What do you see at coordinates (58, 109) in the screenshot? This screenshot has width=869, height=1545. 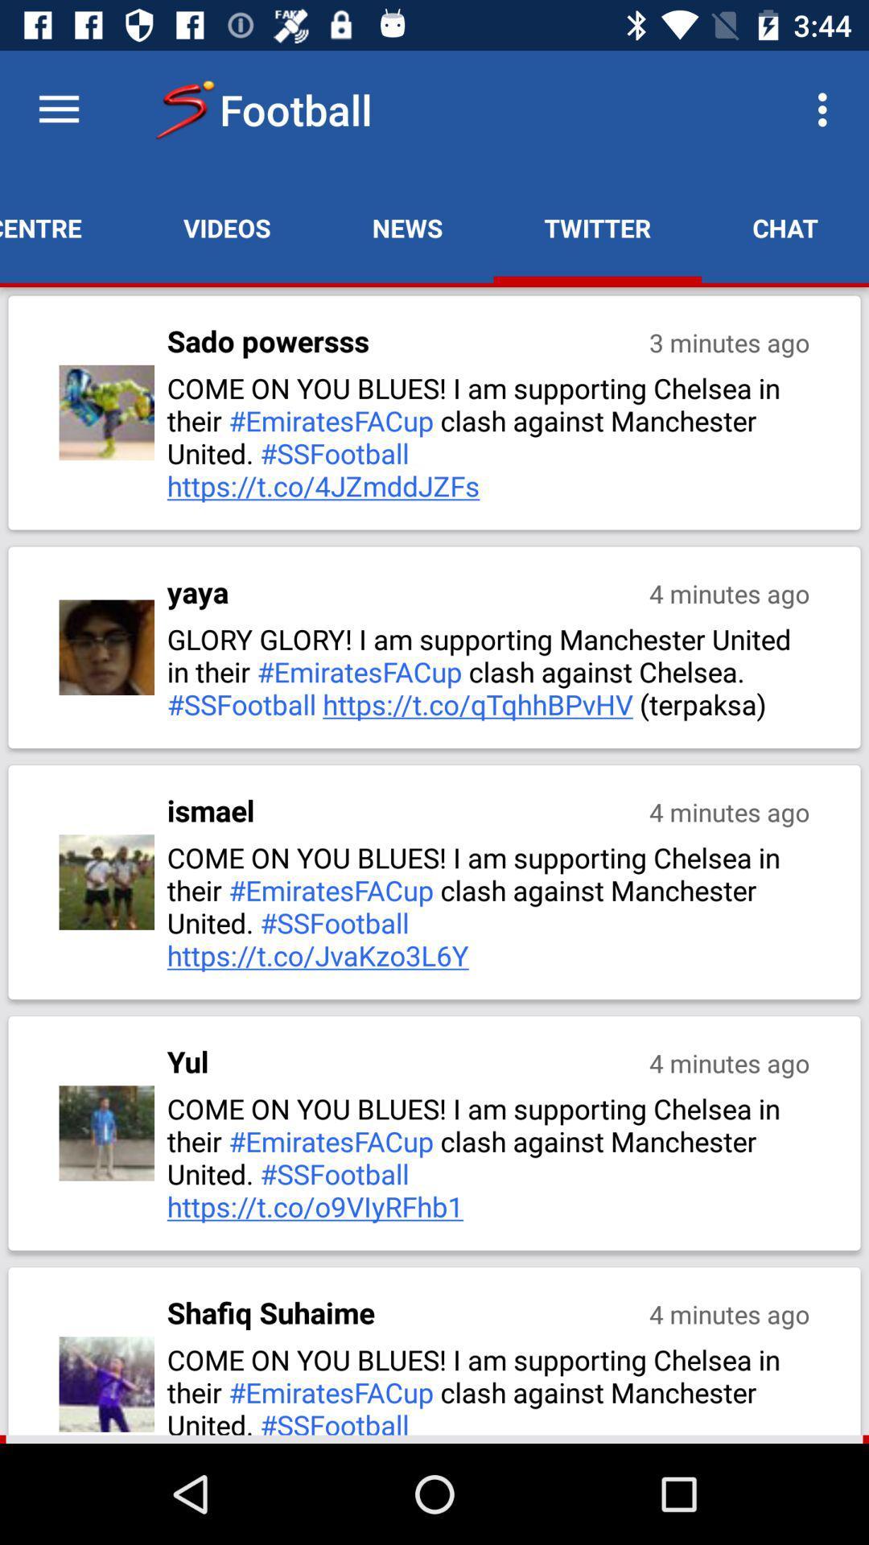 I see `show menu` at bounding box center [58, 109].